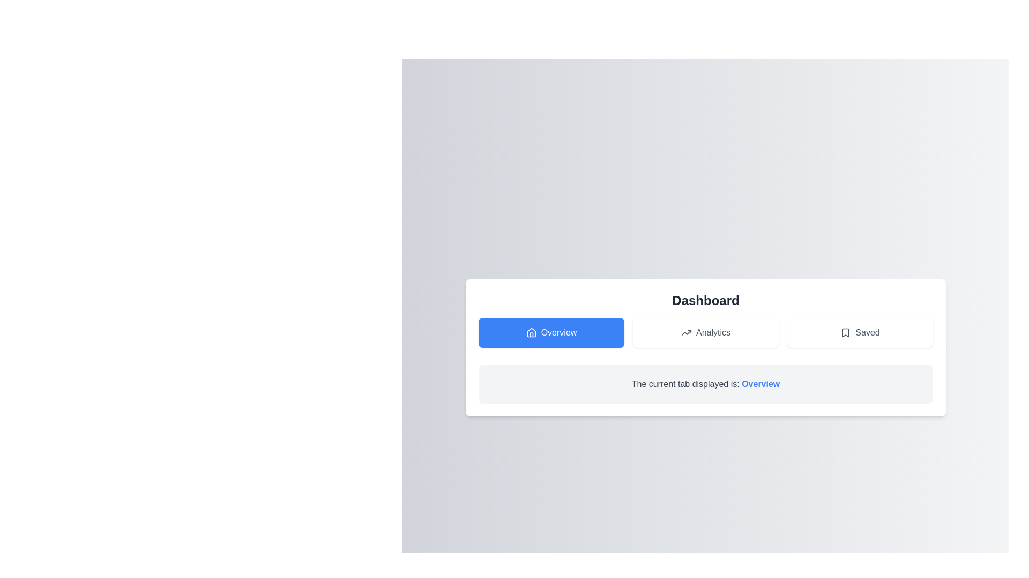 The width and height of the screenshot is (1029, 578). I want to click on the upward trend graphical icon representing analytics or growth metrics, located in the horizontal navigation bar under the 'Analytics' tab, if it is interactive, so click(687, 332).